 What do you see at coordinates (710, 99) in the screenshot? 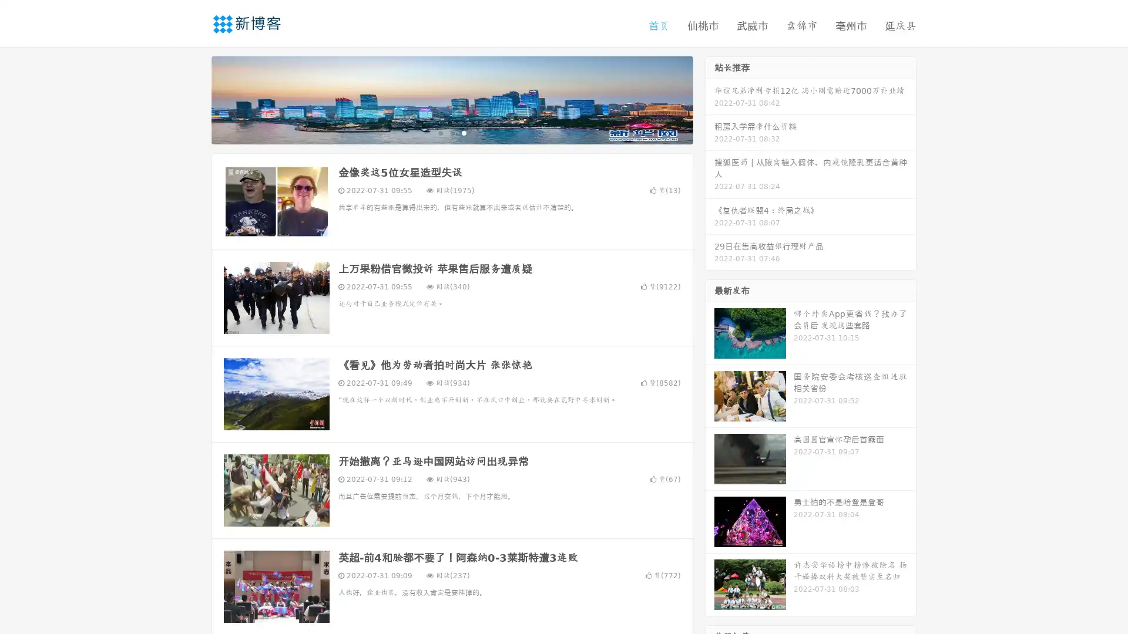
I see `Next slide` at bounding box center [710, 99].